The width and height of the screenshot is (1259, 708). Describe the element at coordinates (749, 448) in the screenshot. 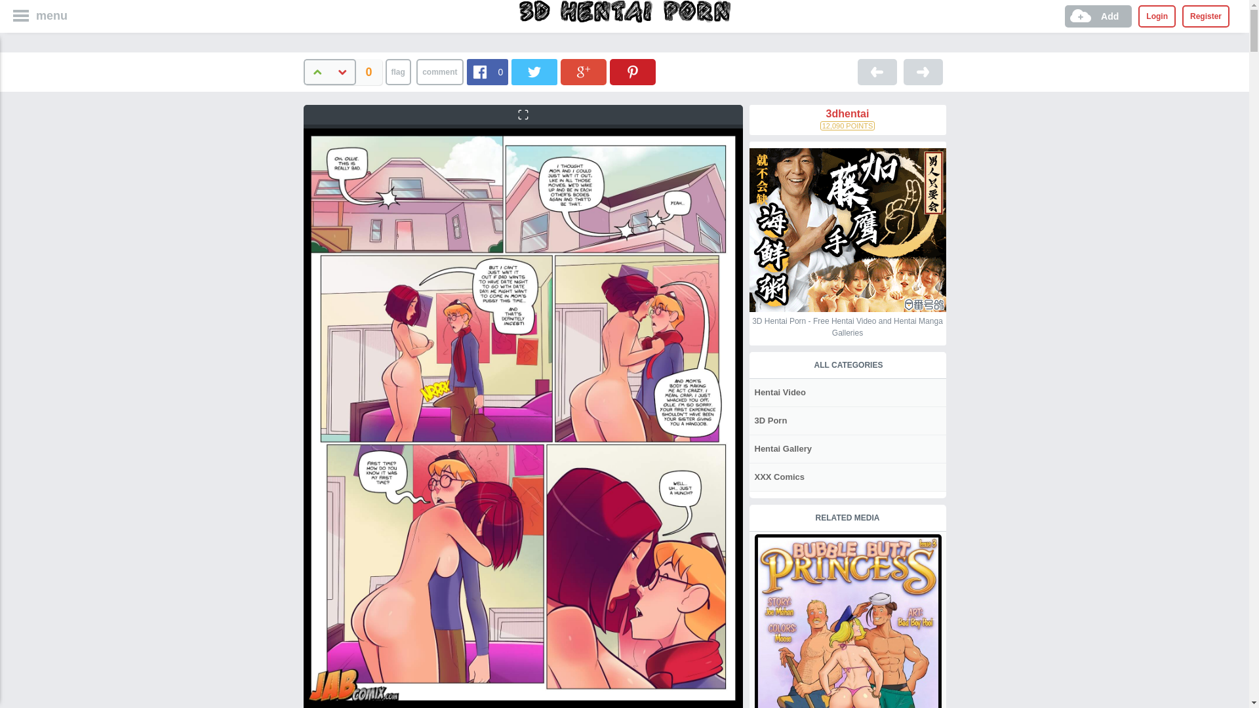

I see `'Hentai Gallery'` at that location.